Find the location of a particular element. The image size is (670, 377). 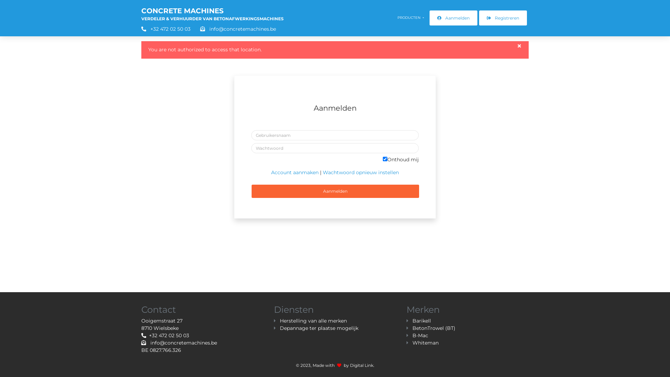

'Wachtwoord opnieuw instellen' is located at coordinates (360, 172).